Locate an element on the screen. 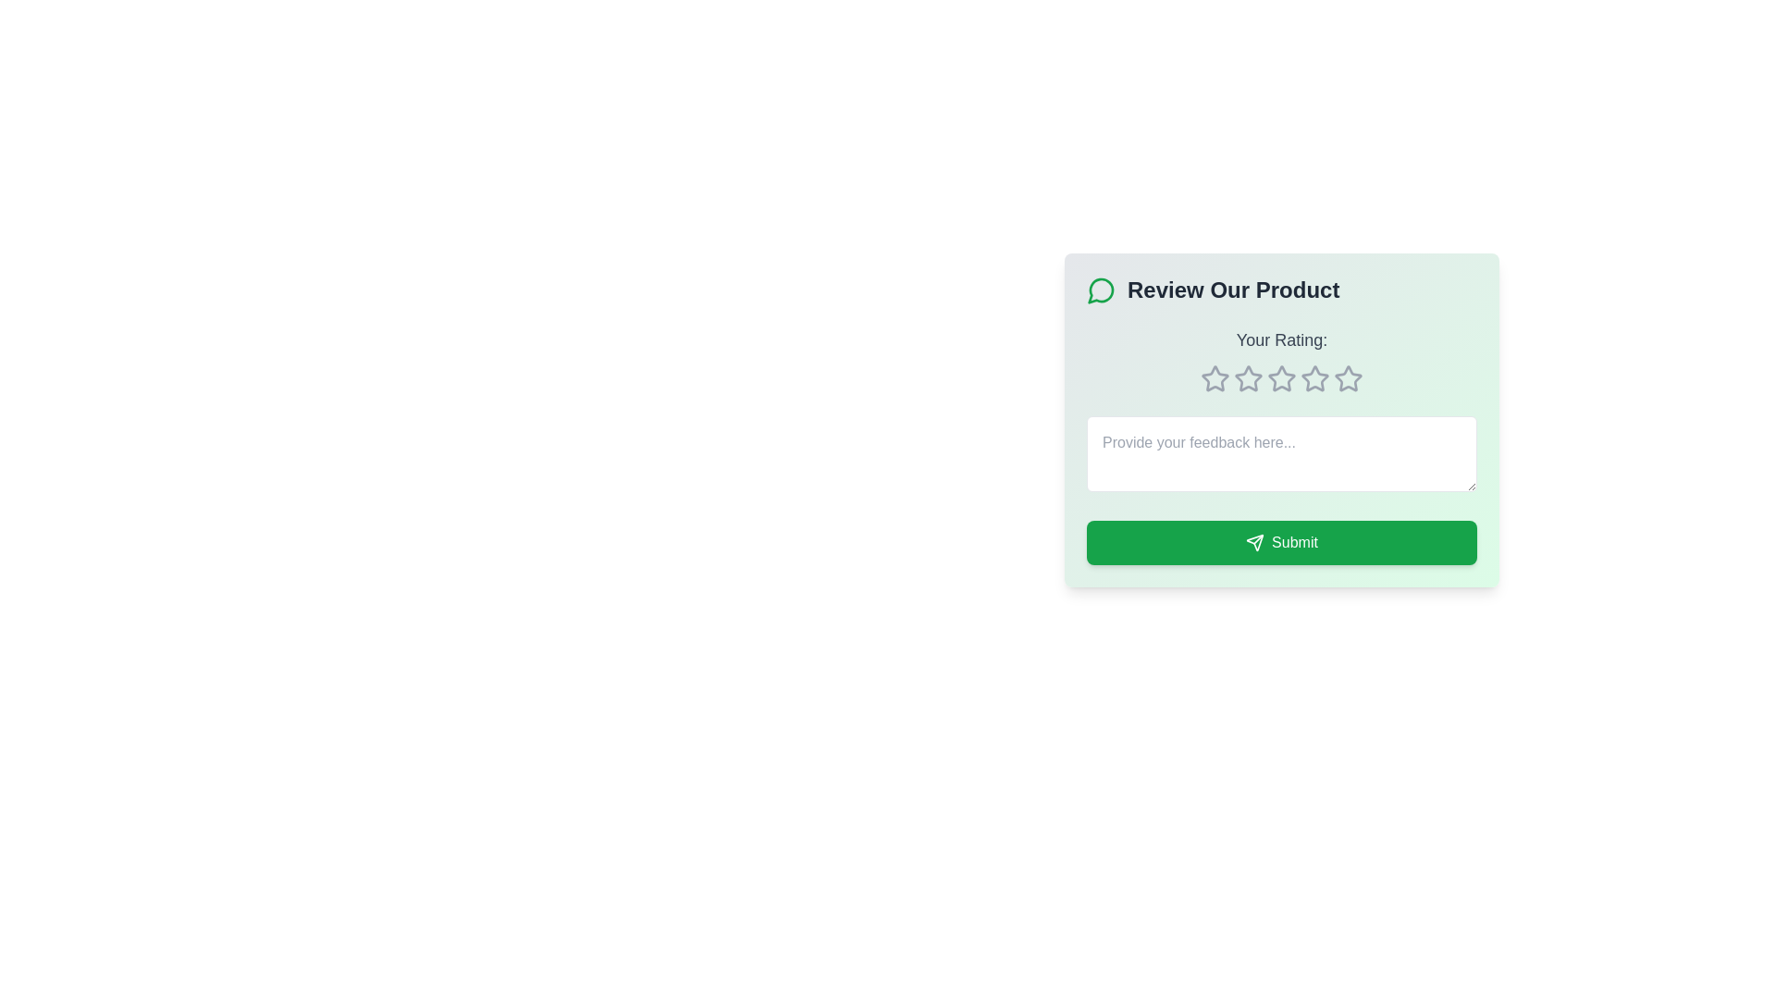 The width and height of the screenshot is (1776, 999). the star in the Rating selector to set the rating below the title 'Review Our Product' and above the text input field is located at coordinates (1281, 360).